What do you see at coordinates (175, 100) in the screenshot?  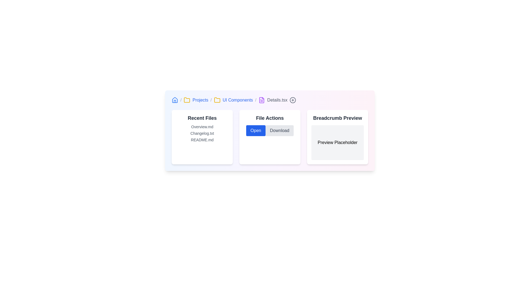 I see `the blue house-like icon in the breadcrumb navigation bar, positioned before the 'Projects' text` at bounding box center [175, 100].